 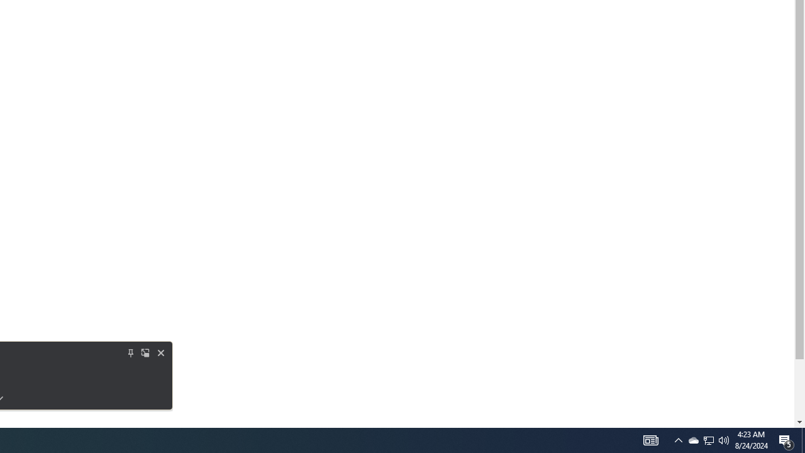 I want to click on 'Back to tab', so click(x=131, y=352).